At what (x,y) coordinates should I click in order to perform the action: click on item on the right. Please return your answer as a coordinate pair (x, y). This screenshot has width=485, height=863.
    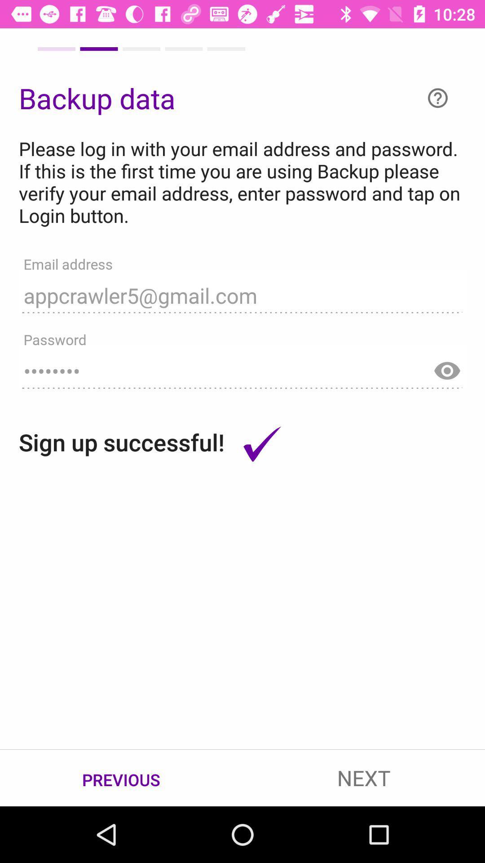
    Looking at the image, I should click on (447, 366).